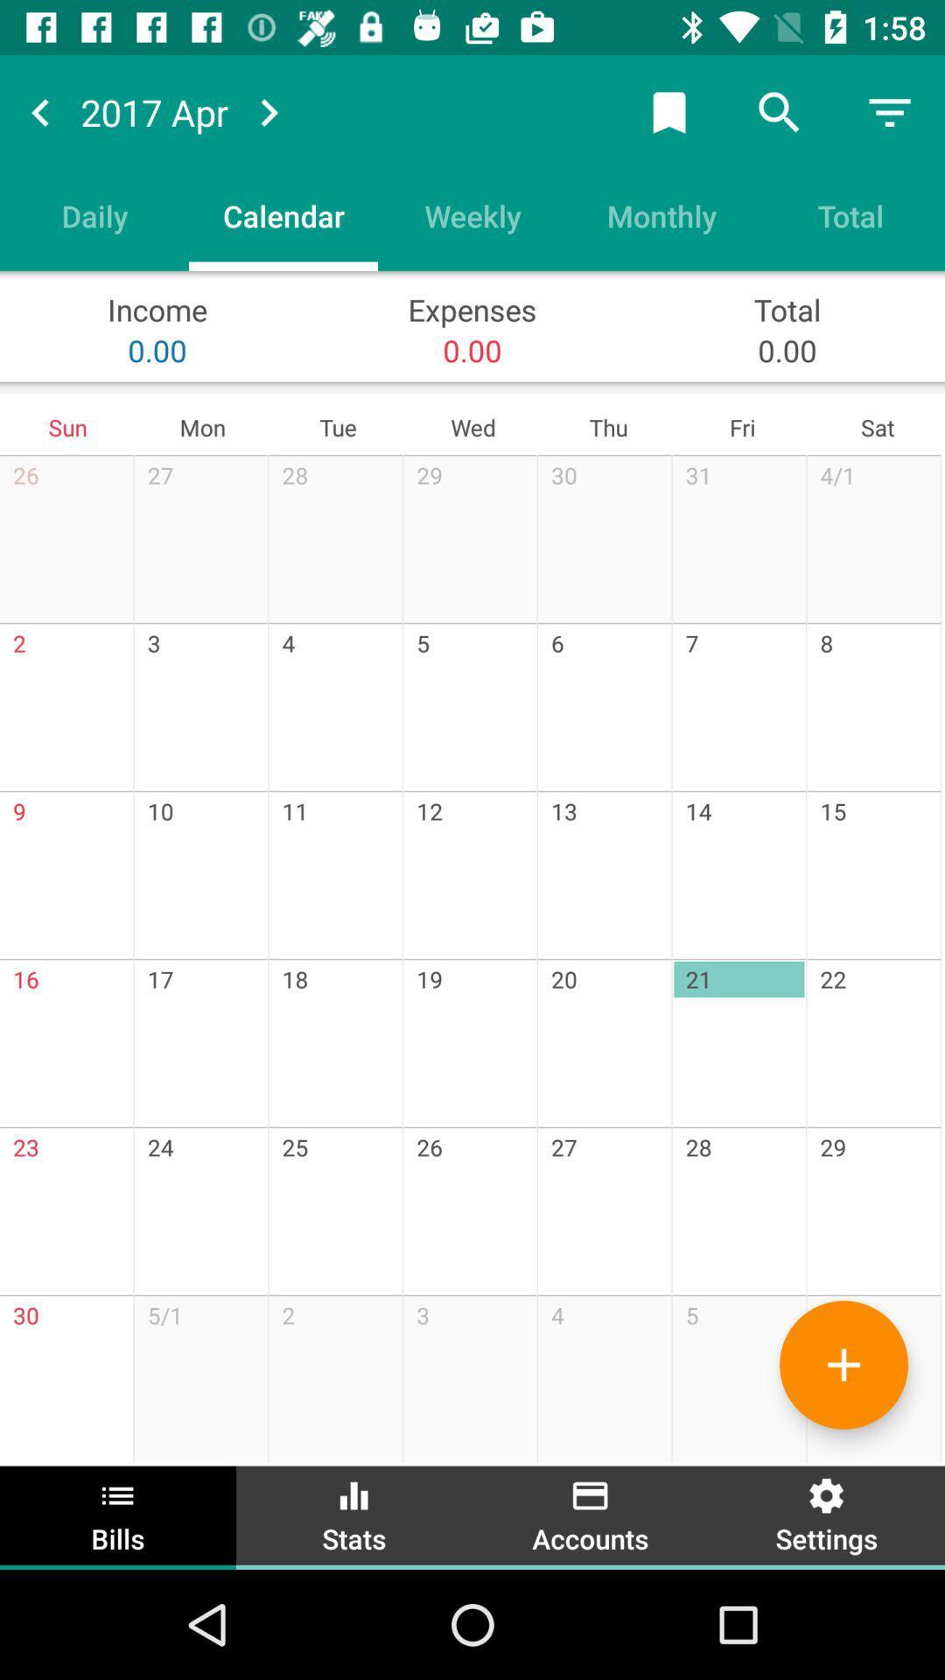 Image resolution: width=945 pixels, height=1680 pixels. What do you see at coordinates (779, 111) in the screenshot?
I see `search the app` at bounding box center [779, 111].